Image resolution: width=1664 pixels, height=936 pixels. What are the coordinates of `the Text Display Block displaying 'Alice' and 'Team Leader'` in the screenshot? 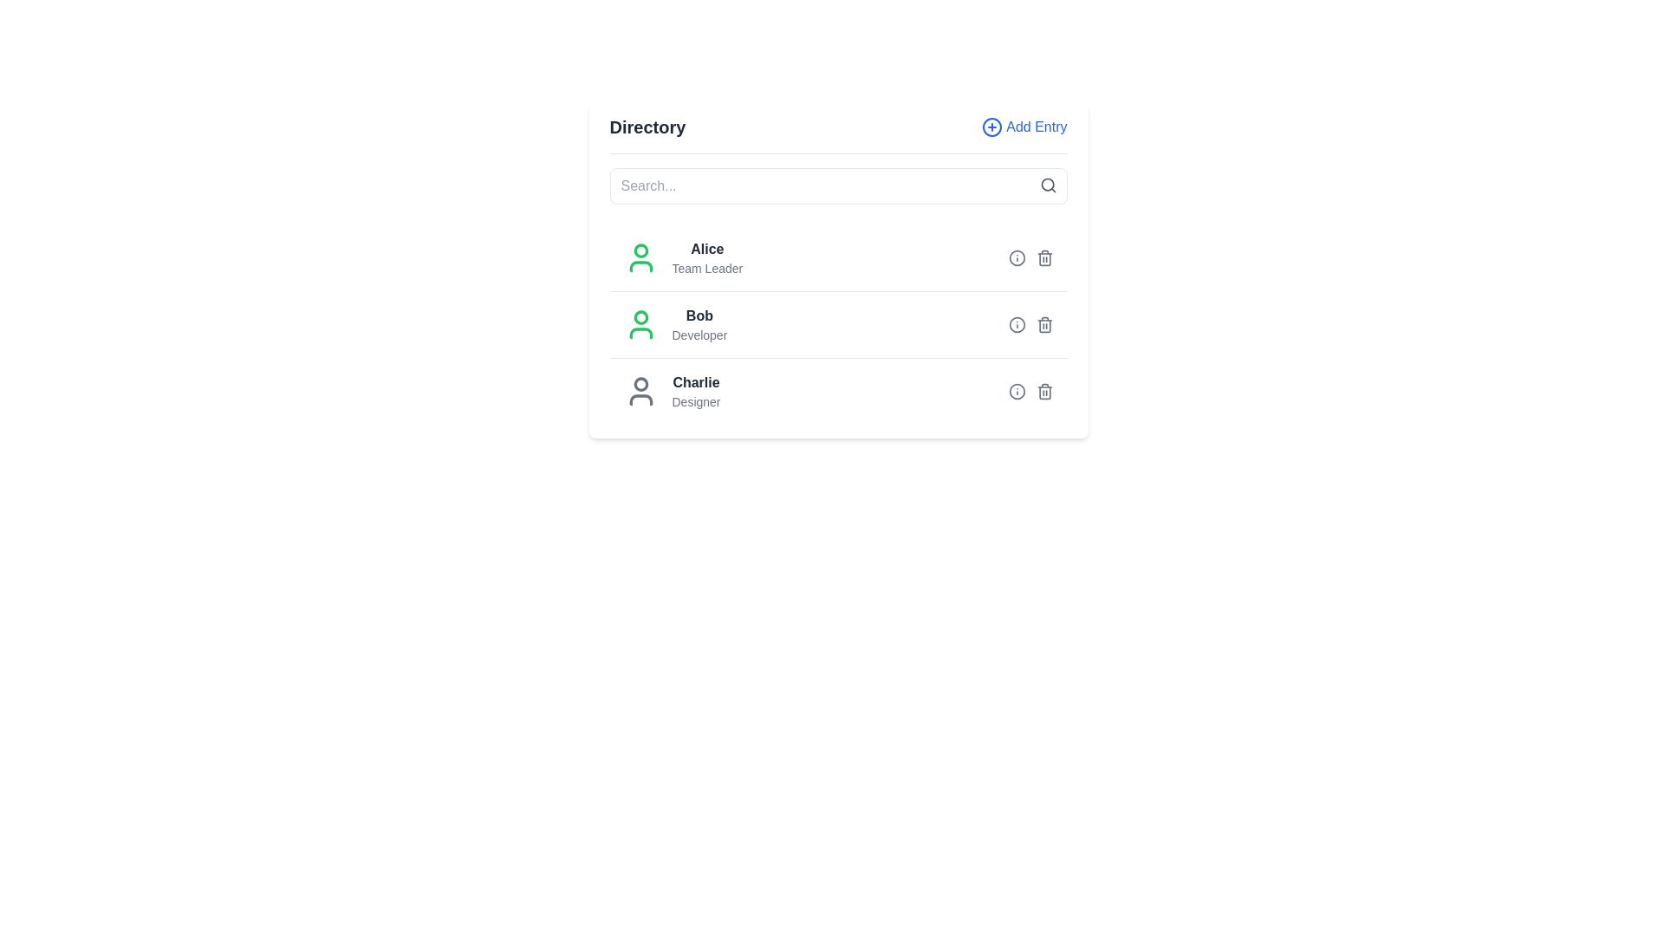 It's located at (707, 257).